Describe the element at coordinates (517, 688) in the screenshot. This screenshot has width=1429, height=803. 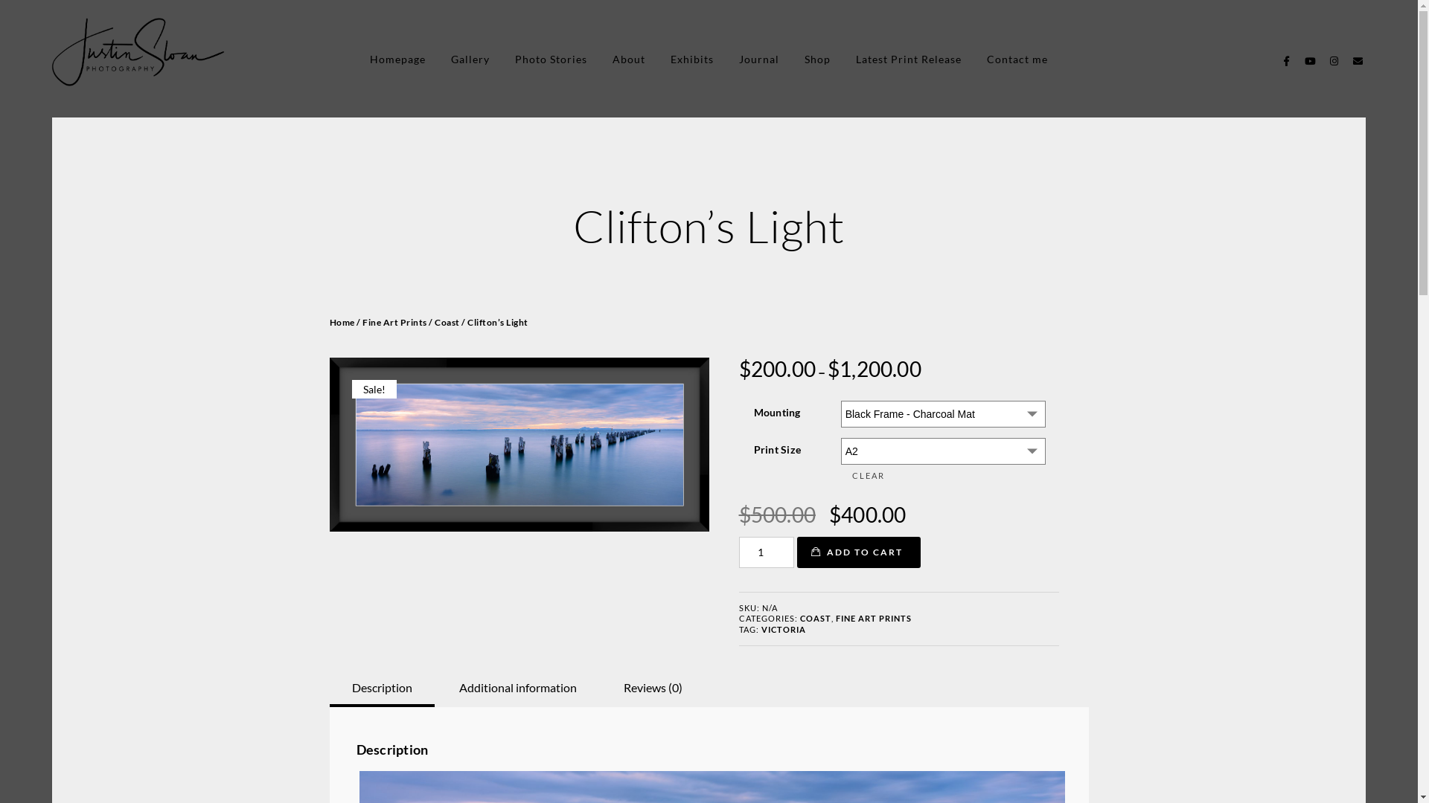
I see `'Additional information'` at that location.